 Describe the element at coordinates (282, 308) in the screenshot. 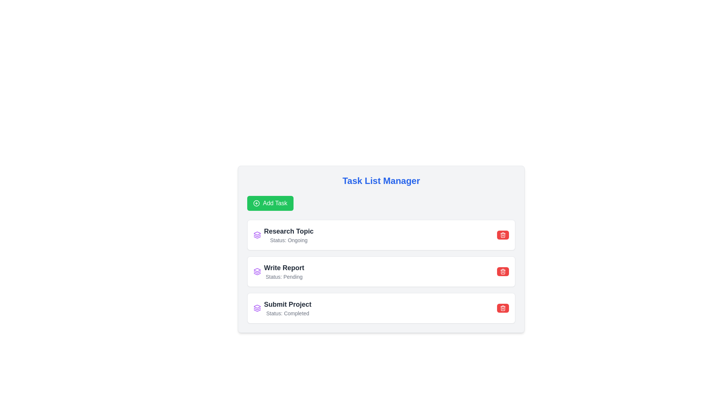

I see `the 'Submit Project' Text Display with Icon element that shows 'Status: Completed' and has a purple stack-like icon, located in the bottom row of a vertically-stacked list` at that location.